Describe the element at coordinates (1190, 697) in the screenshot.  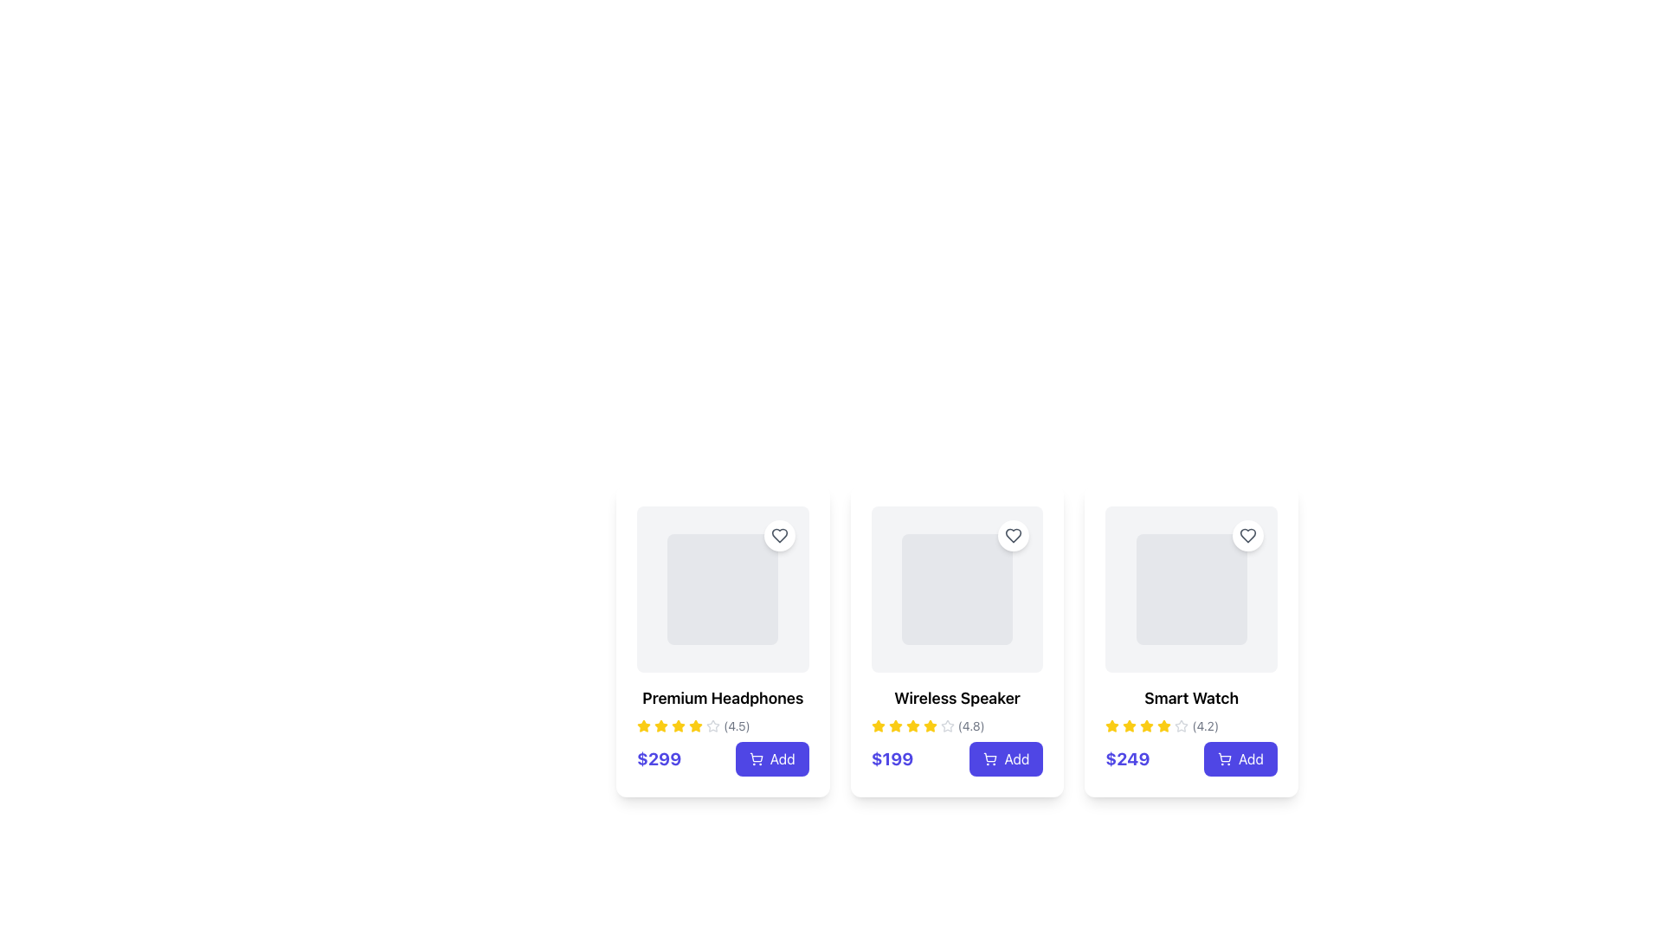
I see `the bold 'Smart Watch' static text displayed above the star rating and price details in the third product card` at that location.